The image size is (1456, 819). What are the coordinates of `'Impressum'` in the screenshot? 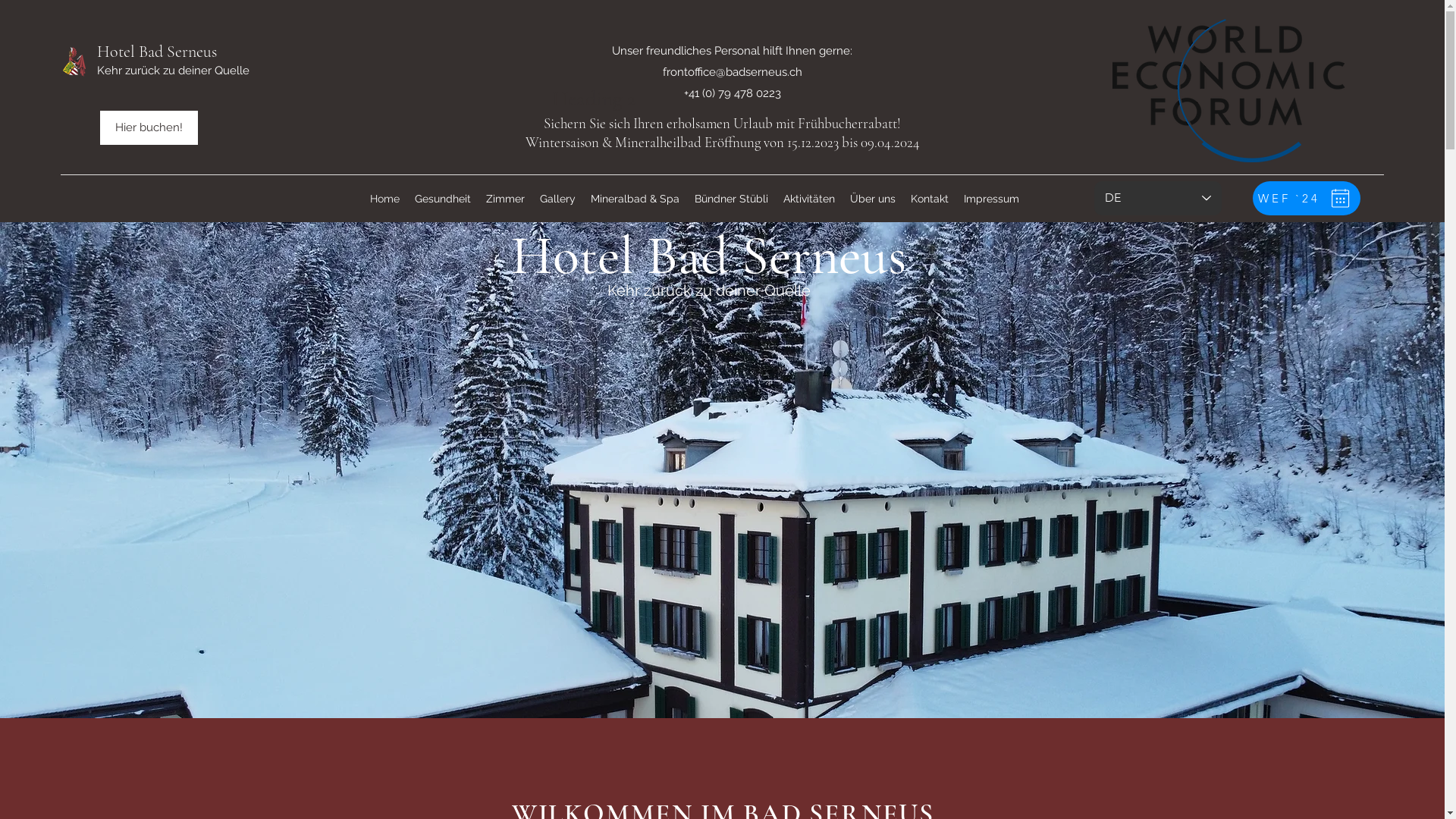 It's located at (990, 198).